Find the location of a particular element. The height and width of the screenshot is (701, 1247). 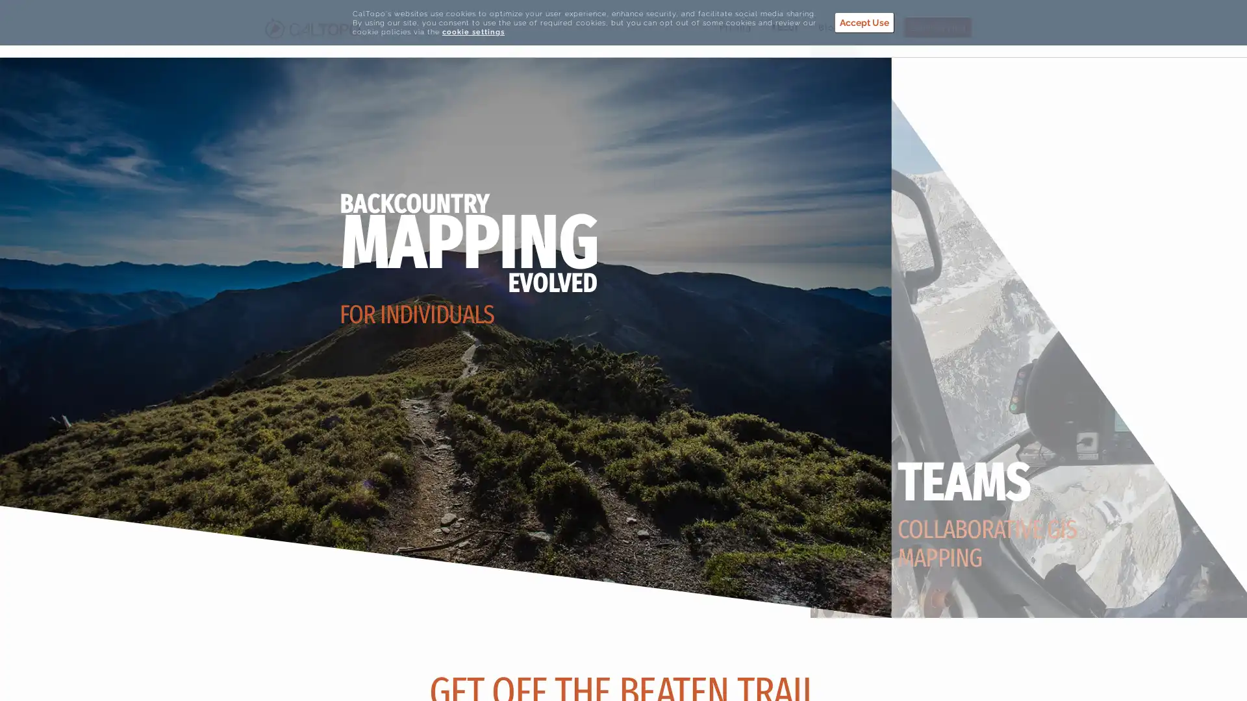

Accept Use is located at coordinates (864, 22).